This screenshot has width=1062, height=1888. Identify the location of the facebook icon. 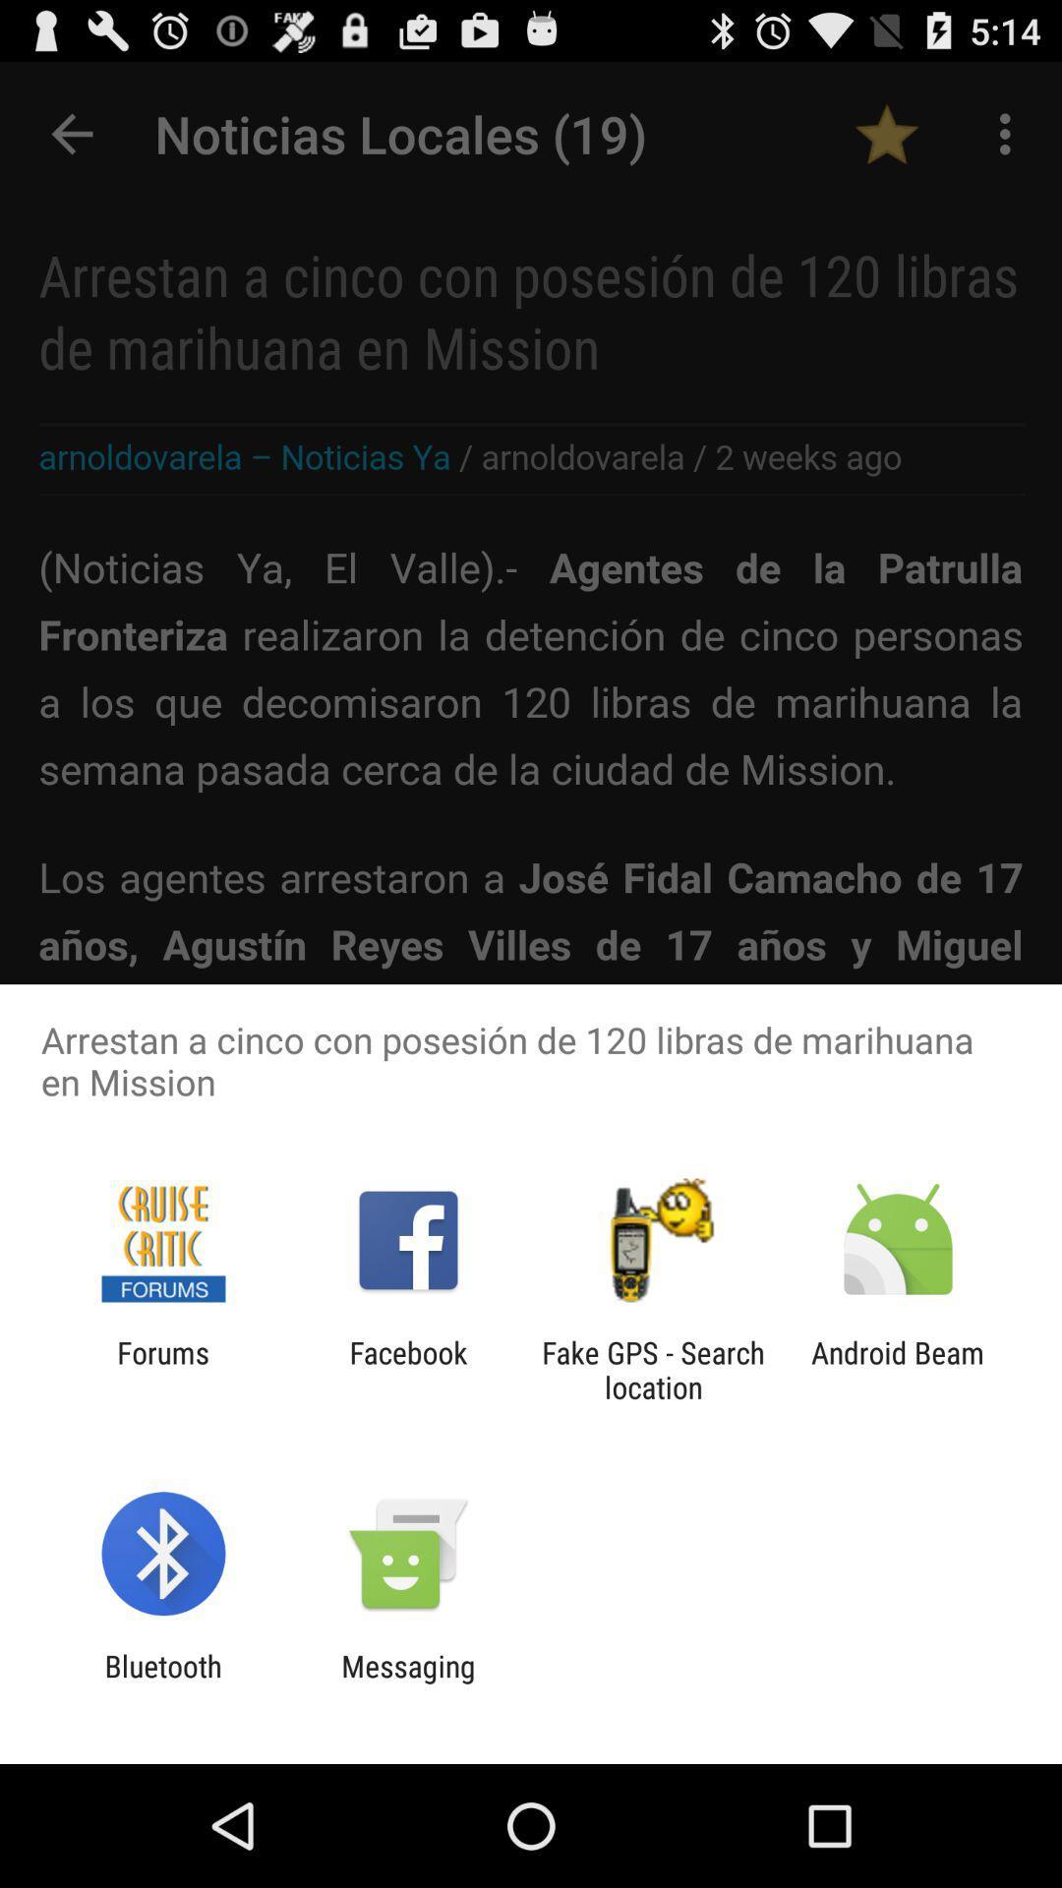
(407, 1369).